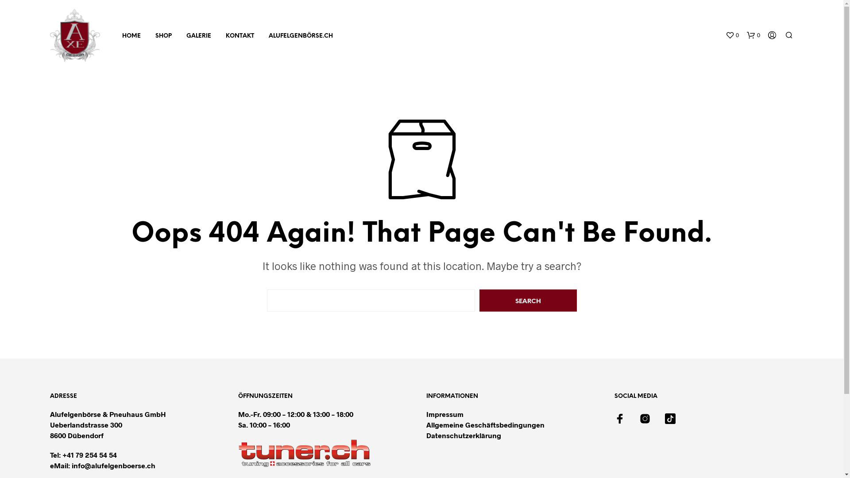  Describe the element at coordinates (725, 35) in the screenshot. I see `'0'` at that location.